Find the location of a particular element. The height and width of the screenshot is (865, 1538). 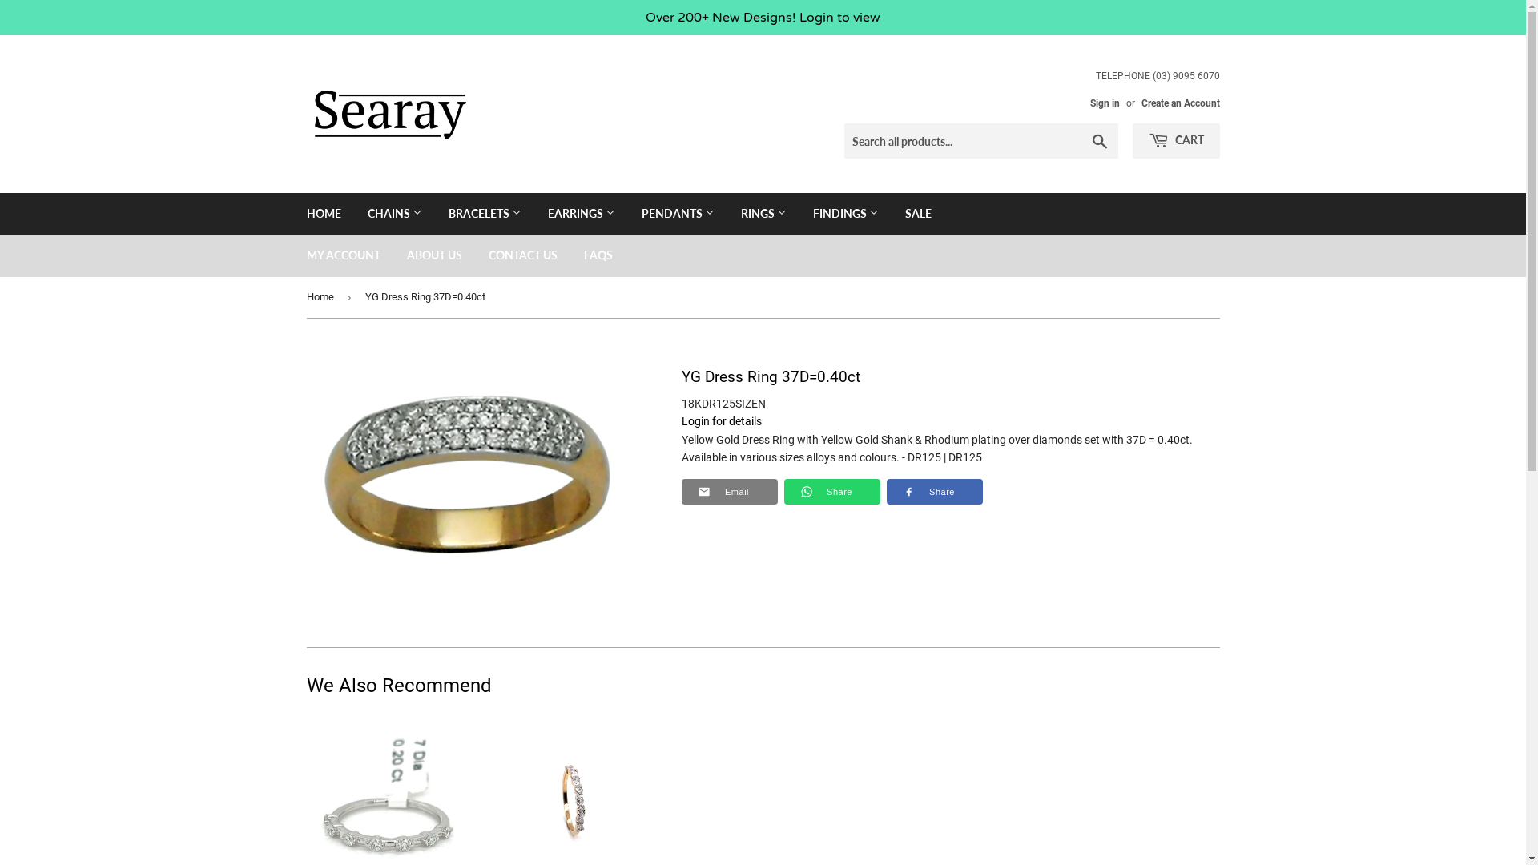

'Login for details' is located at coordinates (680, 420).